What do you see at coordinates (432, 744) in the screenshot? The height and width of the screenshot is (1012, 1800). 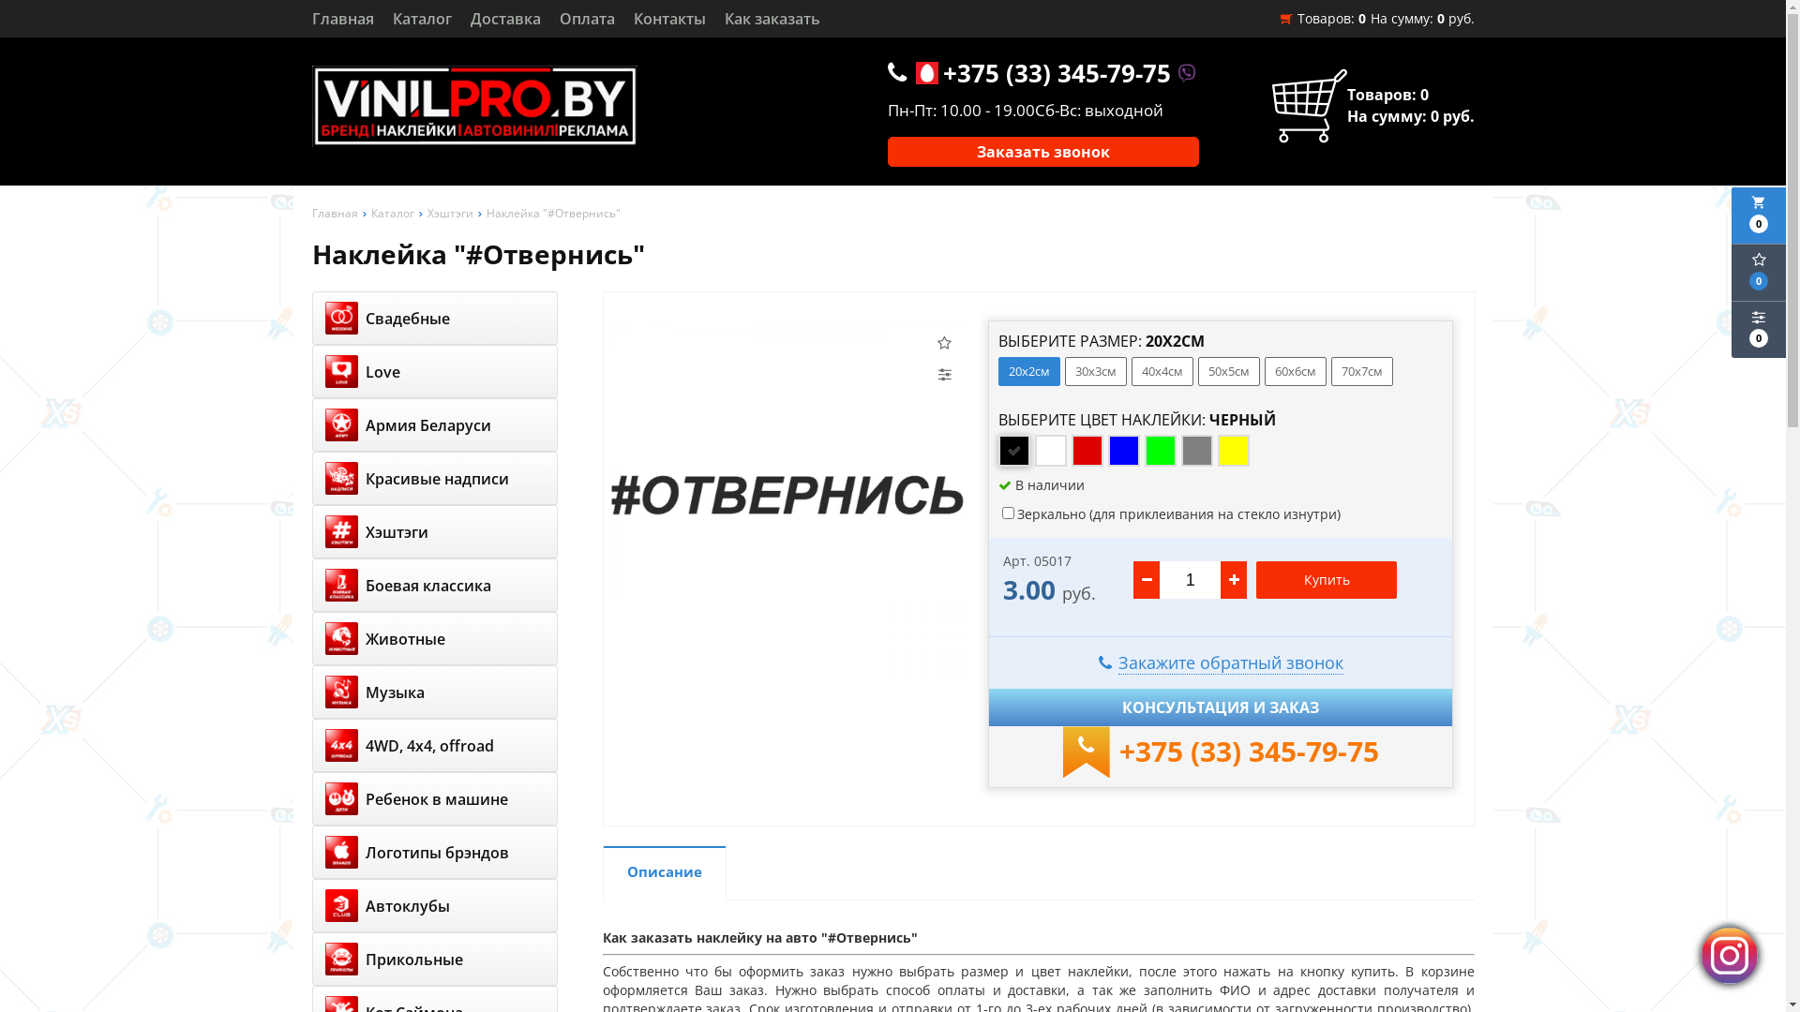 I see `'4WD, 4x4, offroad'` at bounding box center [432, 744].